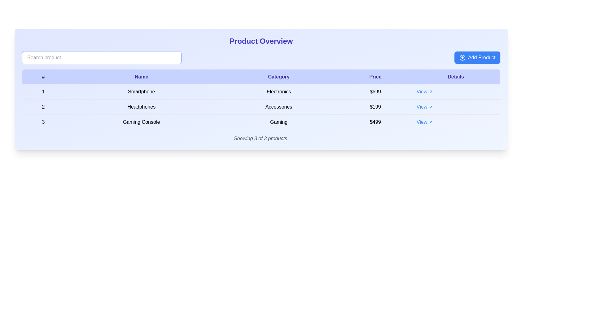 Image resolution: width=596 pixels, height=335 pixels. Describe the element at coordinates (462, 57) in the screenshot. I see `the SVG Circle element that depicts a 'plus' symbol within the 'Add Product' button, located to the left of the text in the button` at that location.